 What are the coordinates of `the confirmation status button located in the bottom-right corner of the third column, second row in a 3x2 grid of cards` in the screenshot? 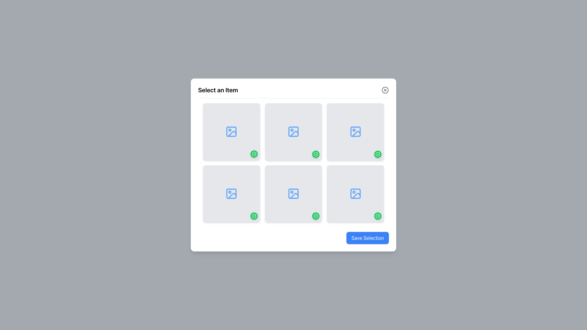 It's located at (378, 154).